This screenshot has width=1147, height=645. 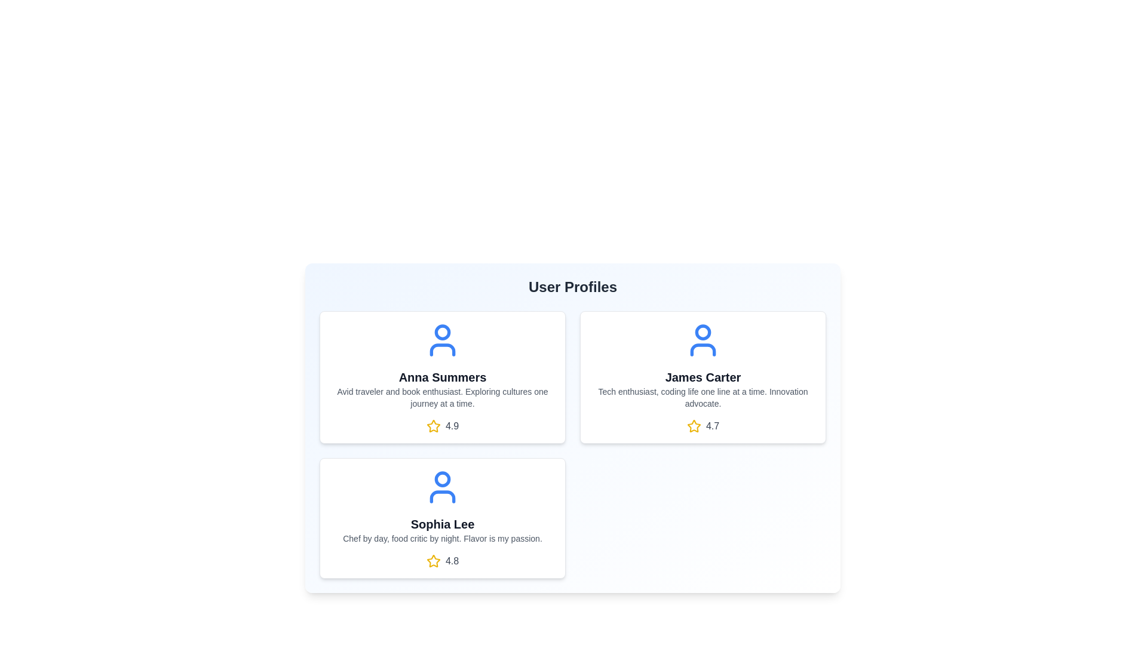 I want to click on the bio text of the user card for James Carter, so click(x=703, y=398).